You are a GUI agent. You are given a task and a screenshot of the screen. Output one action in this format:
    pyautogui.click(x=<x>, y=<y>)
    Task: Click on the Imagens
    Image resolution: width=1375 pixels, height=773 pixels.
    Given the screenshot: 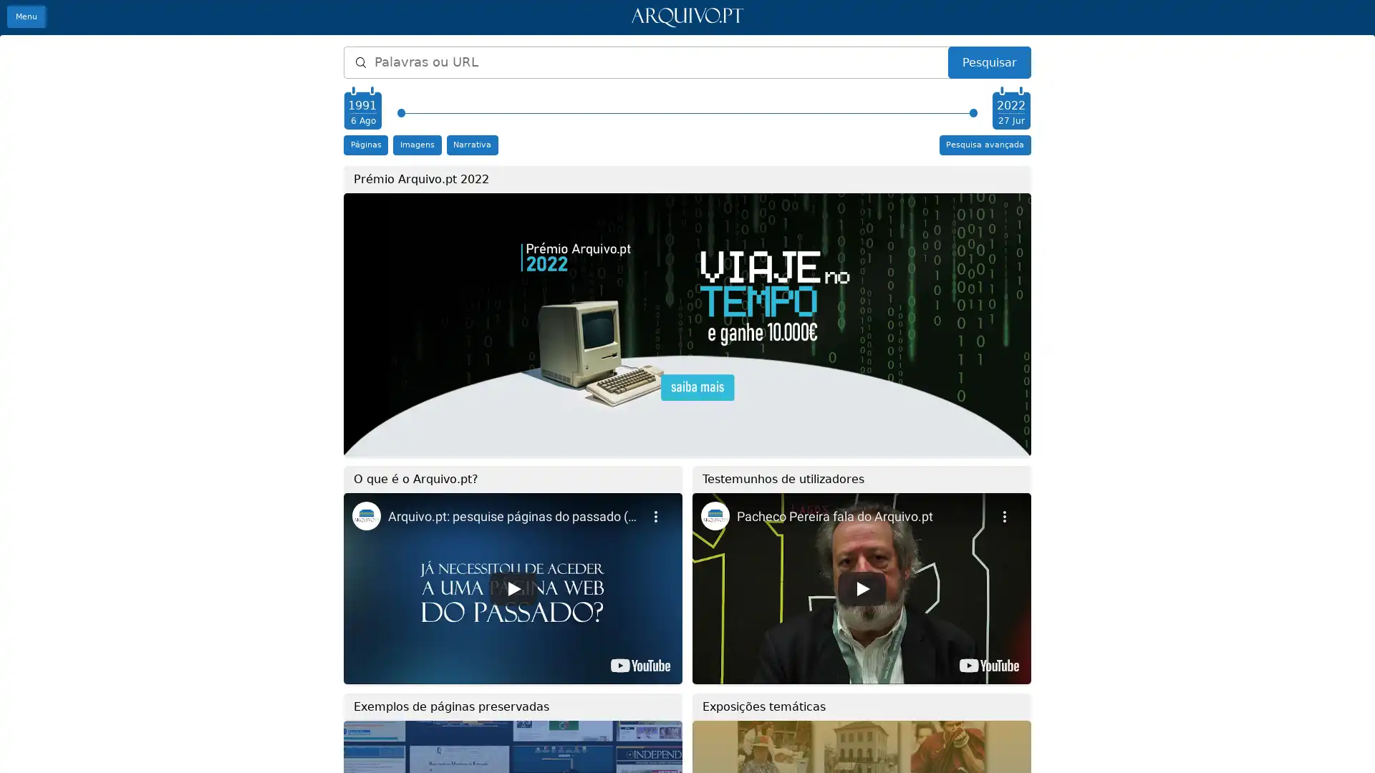 What is the action you would take?
    pyautogui.click(x=416, y=145)
    